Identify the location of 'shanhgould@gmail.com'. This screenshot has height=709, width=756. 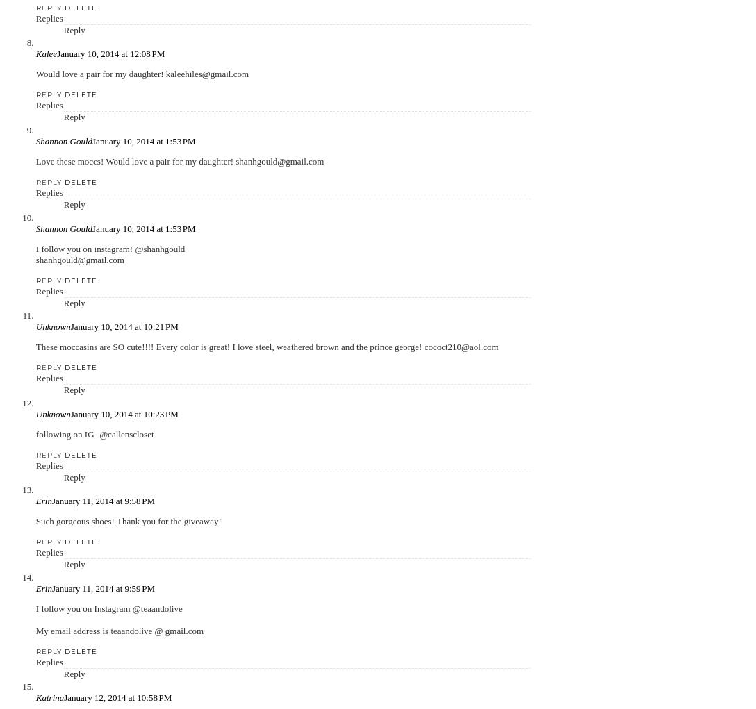
(35, 259).